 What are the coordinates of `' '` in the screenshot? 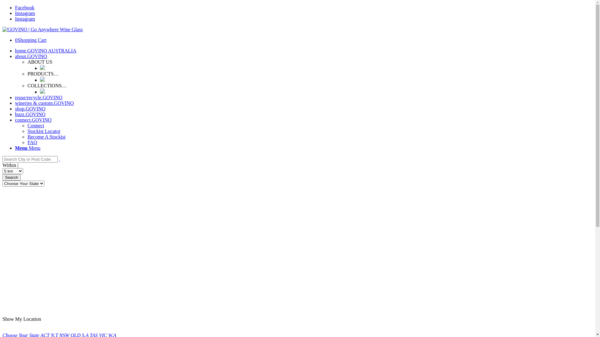 It's located at (60, 159).